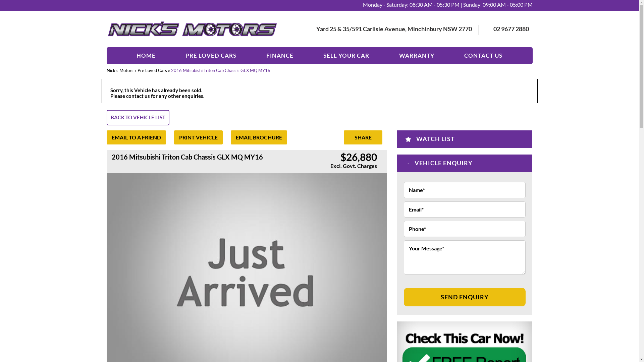 This screenshot has height=362, width=644. I want to click on 'Yard 25 & 35/591 Carlisle Avenue, Minchinbury NSW 2770', so click(394, 28).